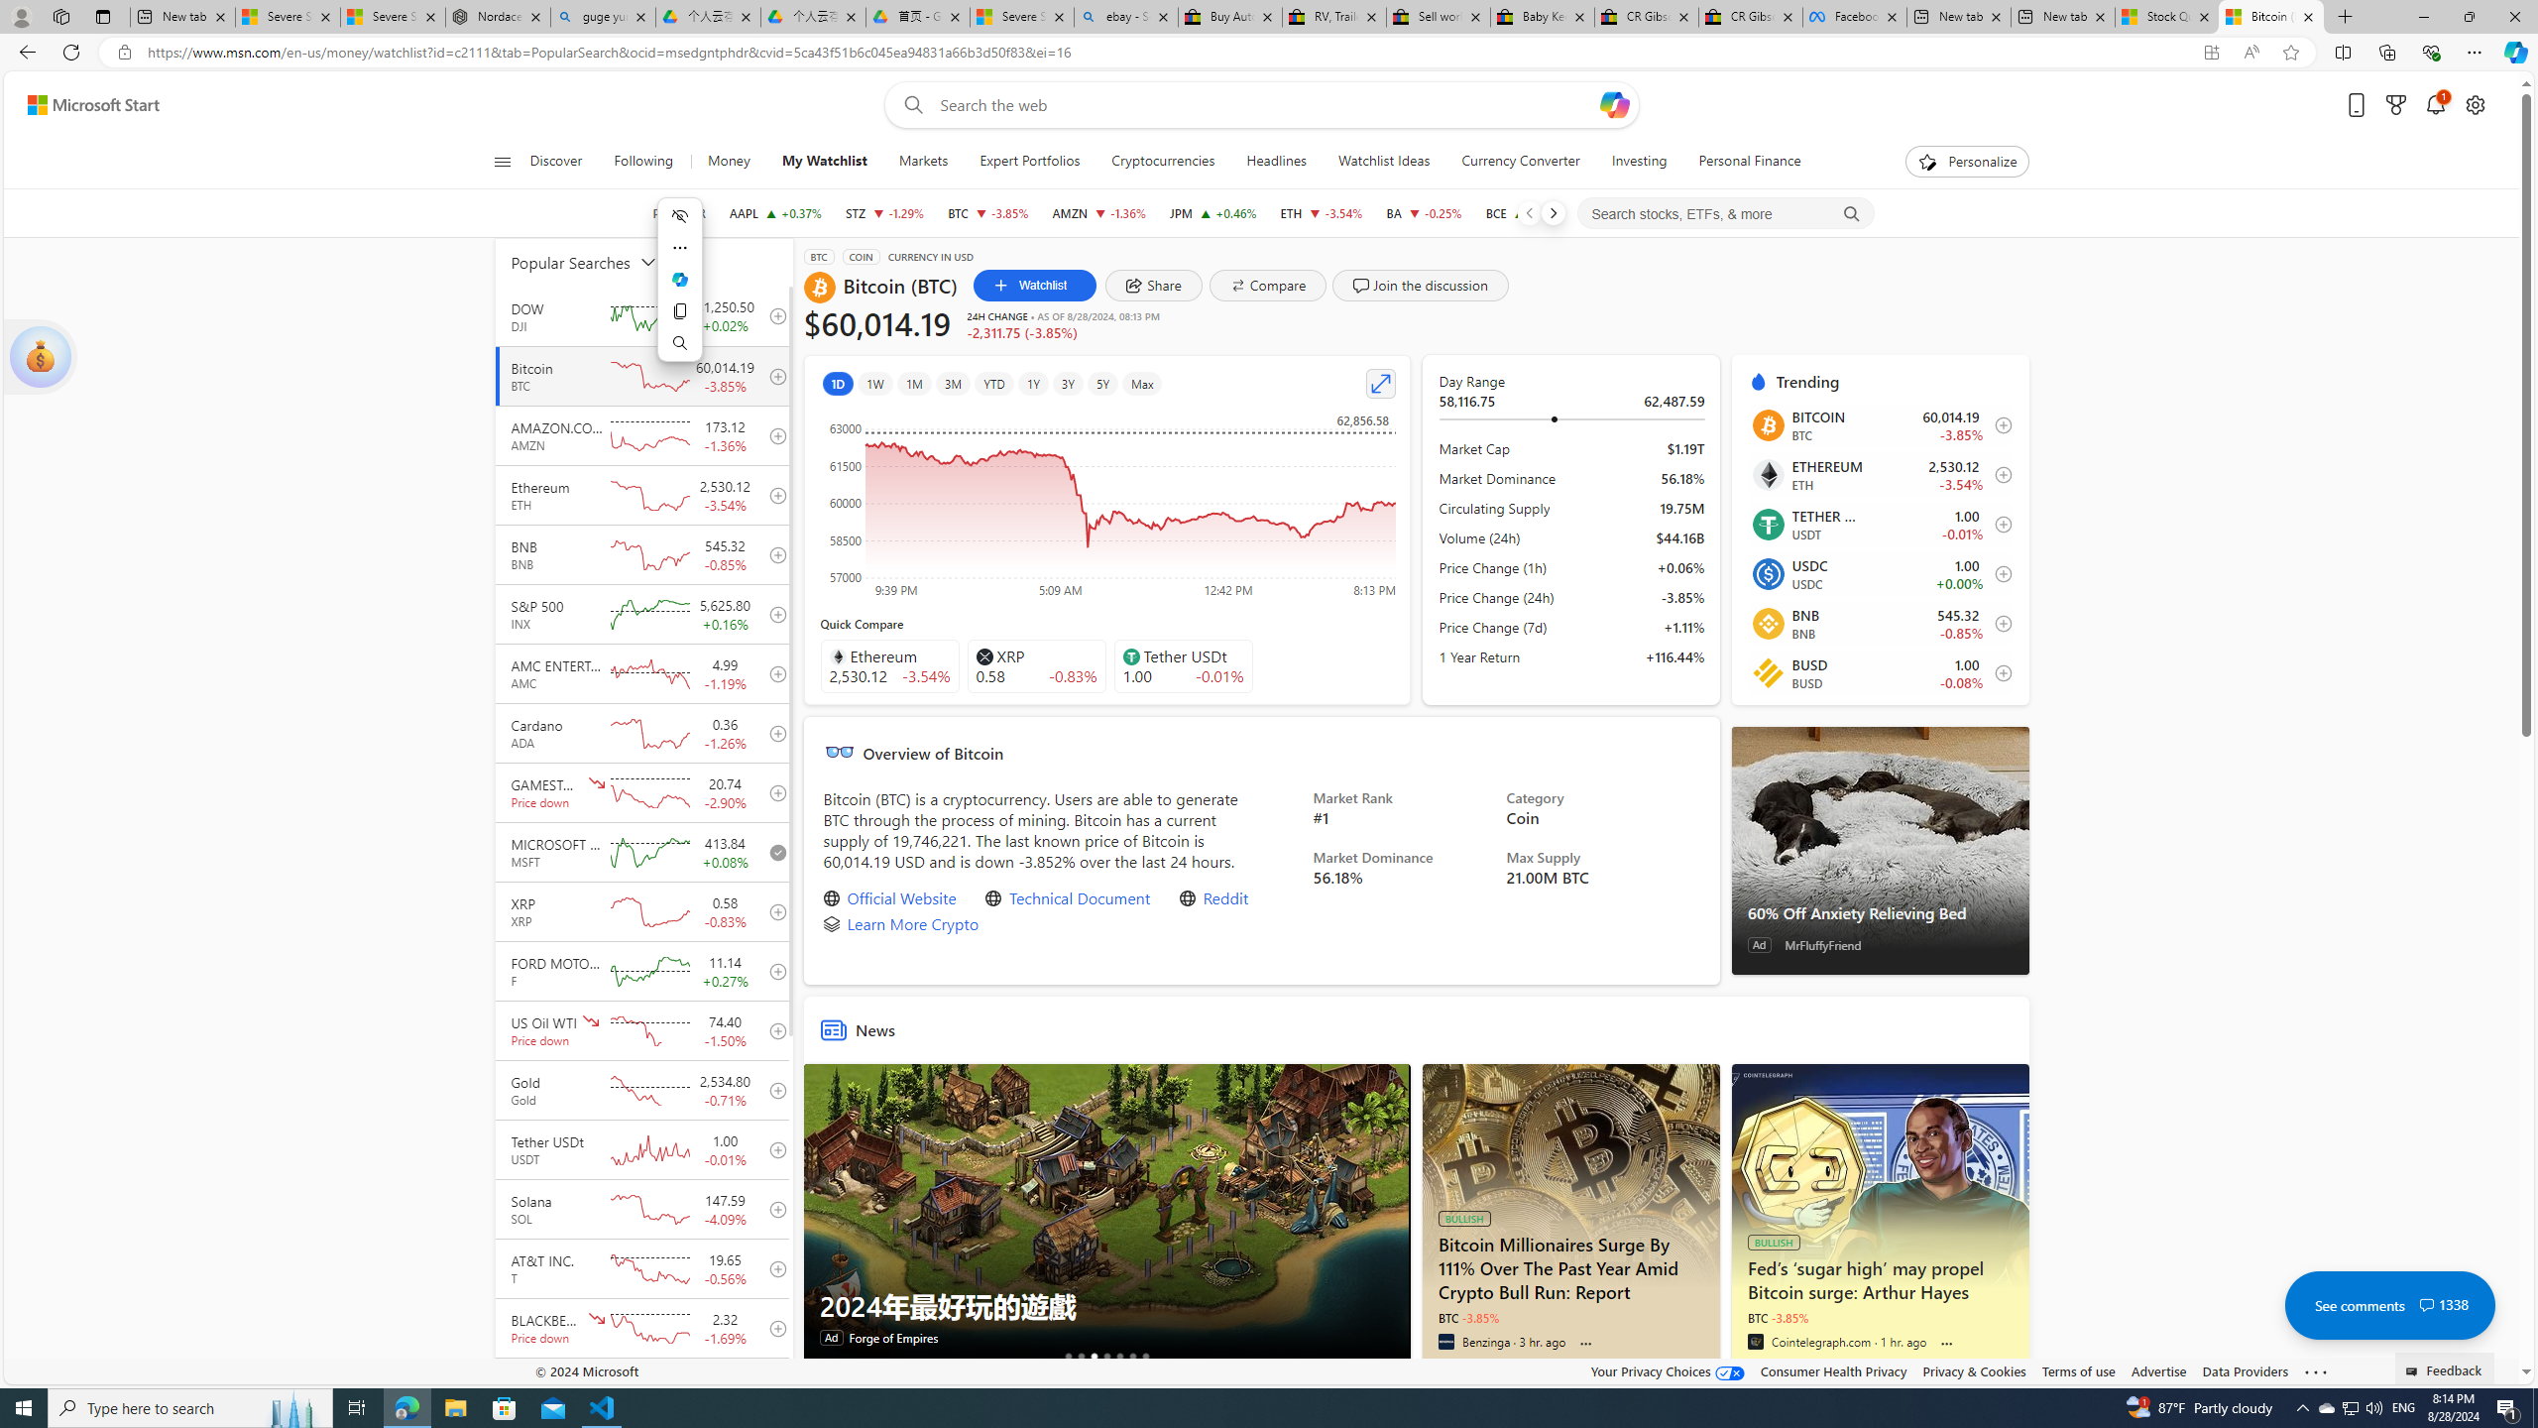  Describe the element at coordinates (1130, 654) in the screenshot. I see `'Class: autoSuggestIcon-DS-EntryPoint1-3'` at that location.